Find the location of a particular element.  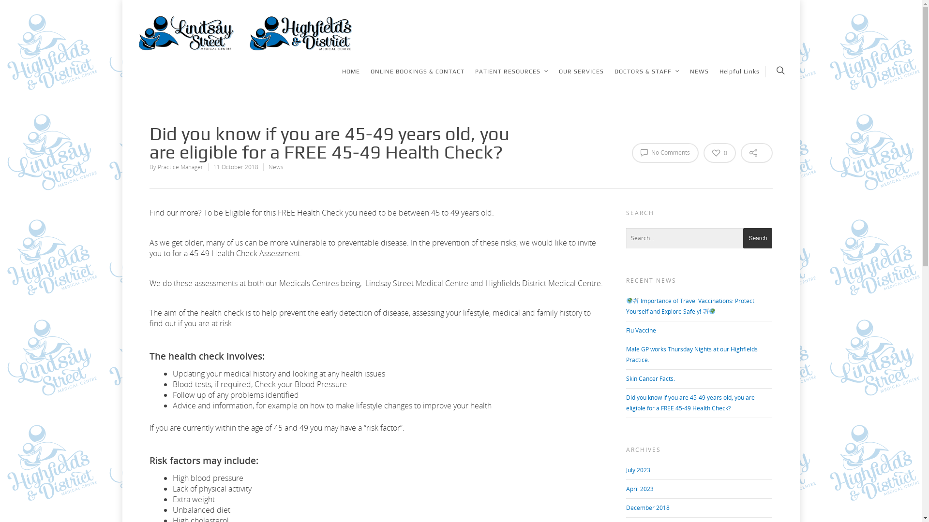

'ONLINE BOOKINGS & CONTACT' is located at coordinates (418, 78).